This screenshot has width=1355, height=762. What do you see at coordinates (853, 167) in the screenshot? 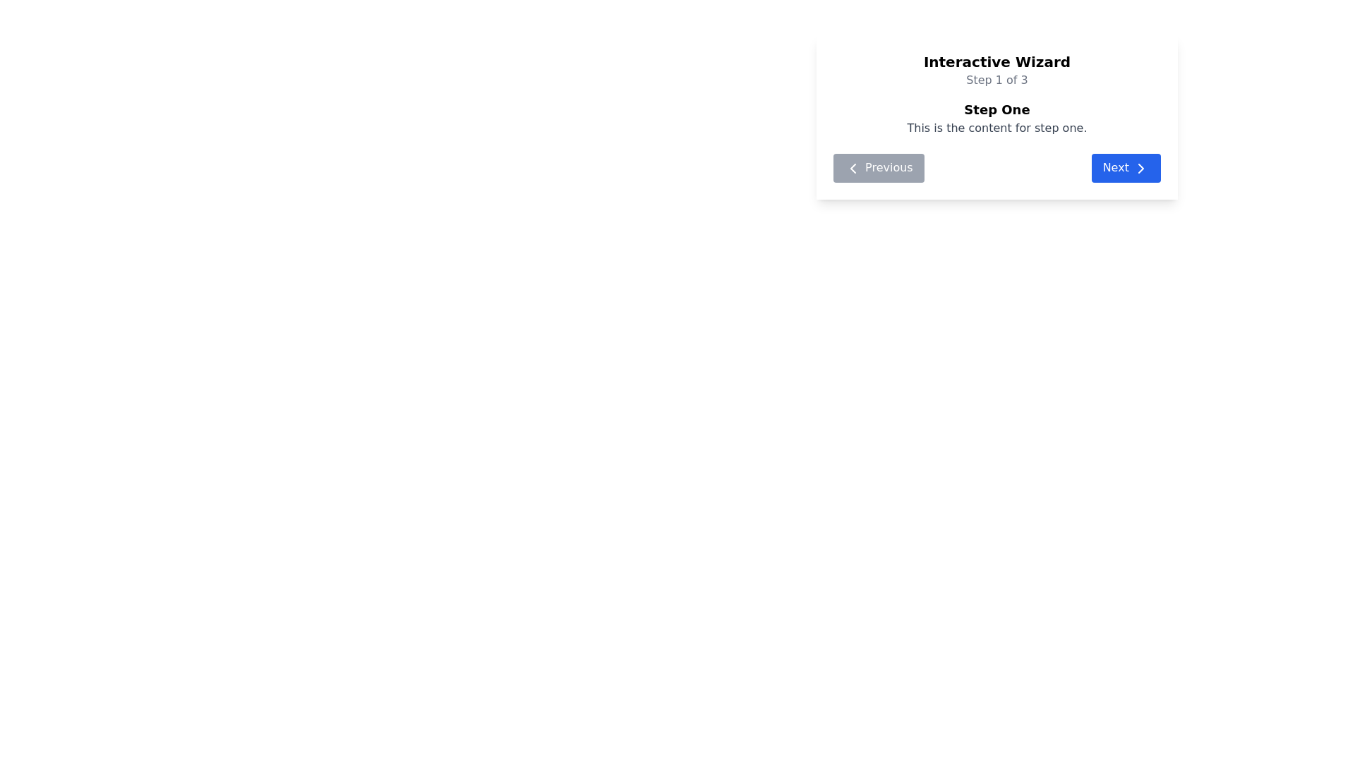
I see `the left-facing chevron icon within the 'Previous' button` at bounding box center [853, 167].